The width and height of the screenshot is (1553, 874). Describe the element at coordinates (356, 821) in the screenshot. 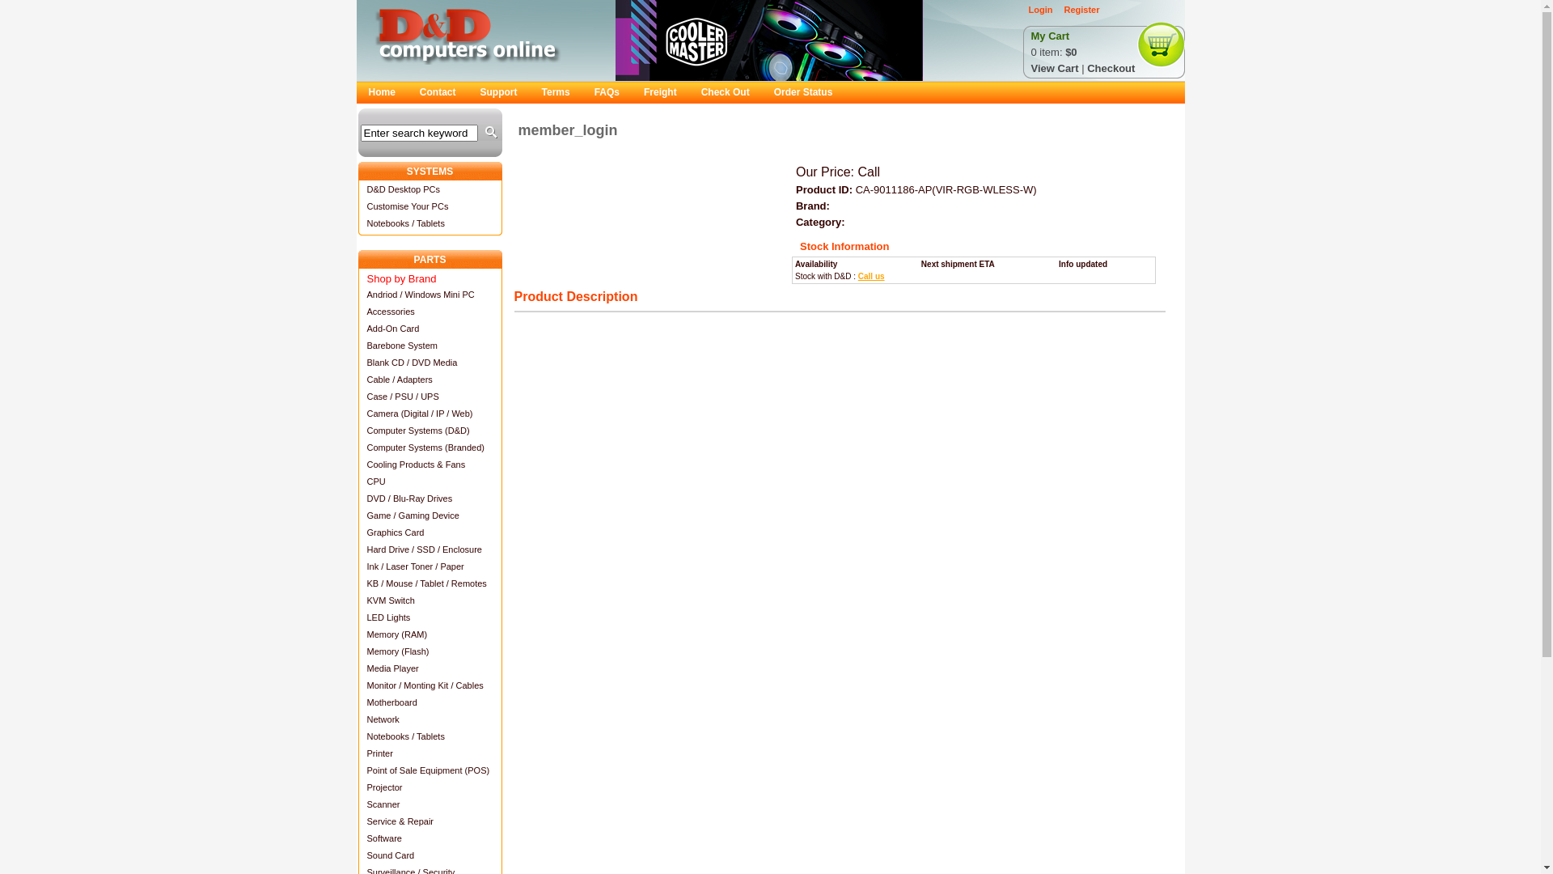

I see `'Service & Repair'` at that location.